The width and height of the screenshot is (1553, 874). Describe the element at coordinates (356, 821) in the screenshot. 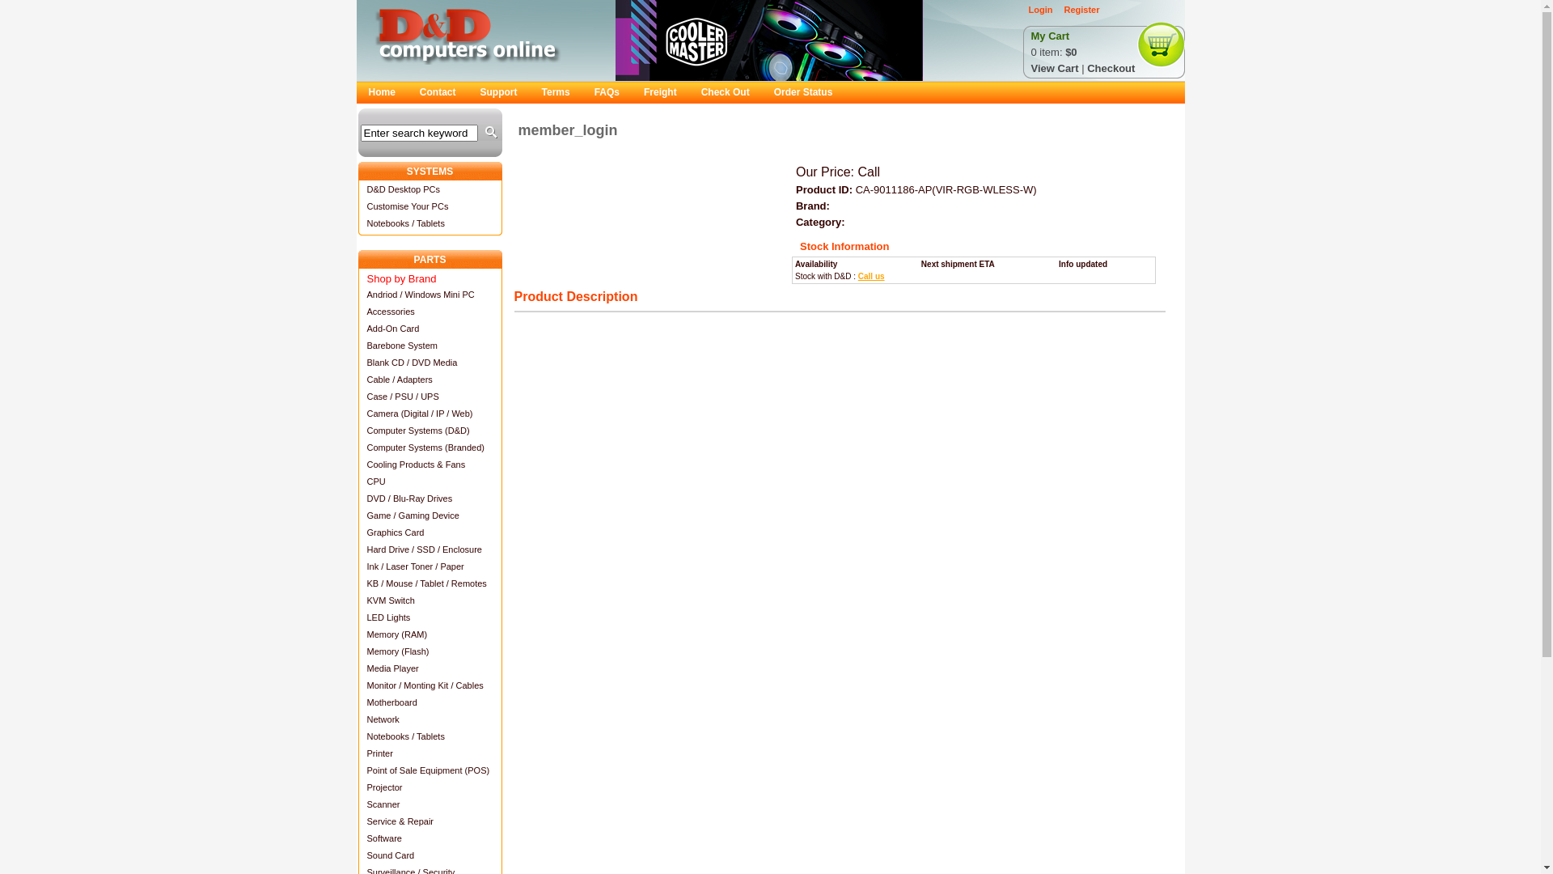

I see `'Service & Repair'` at that location.